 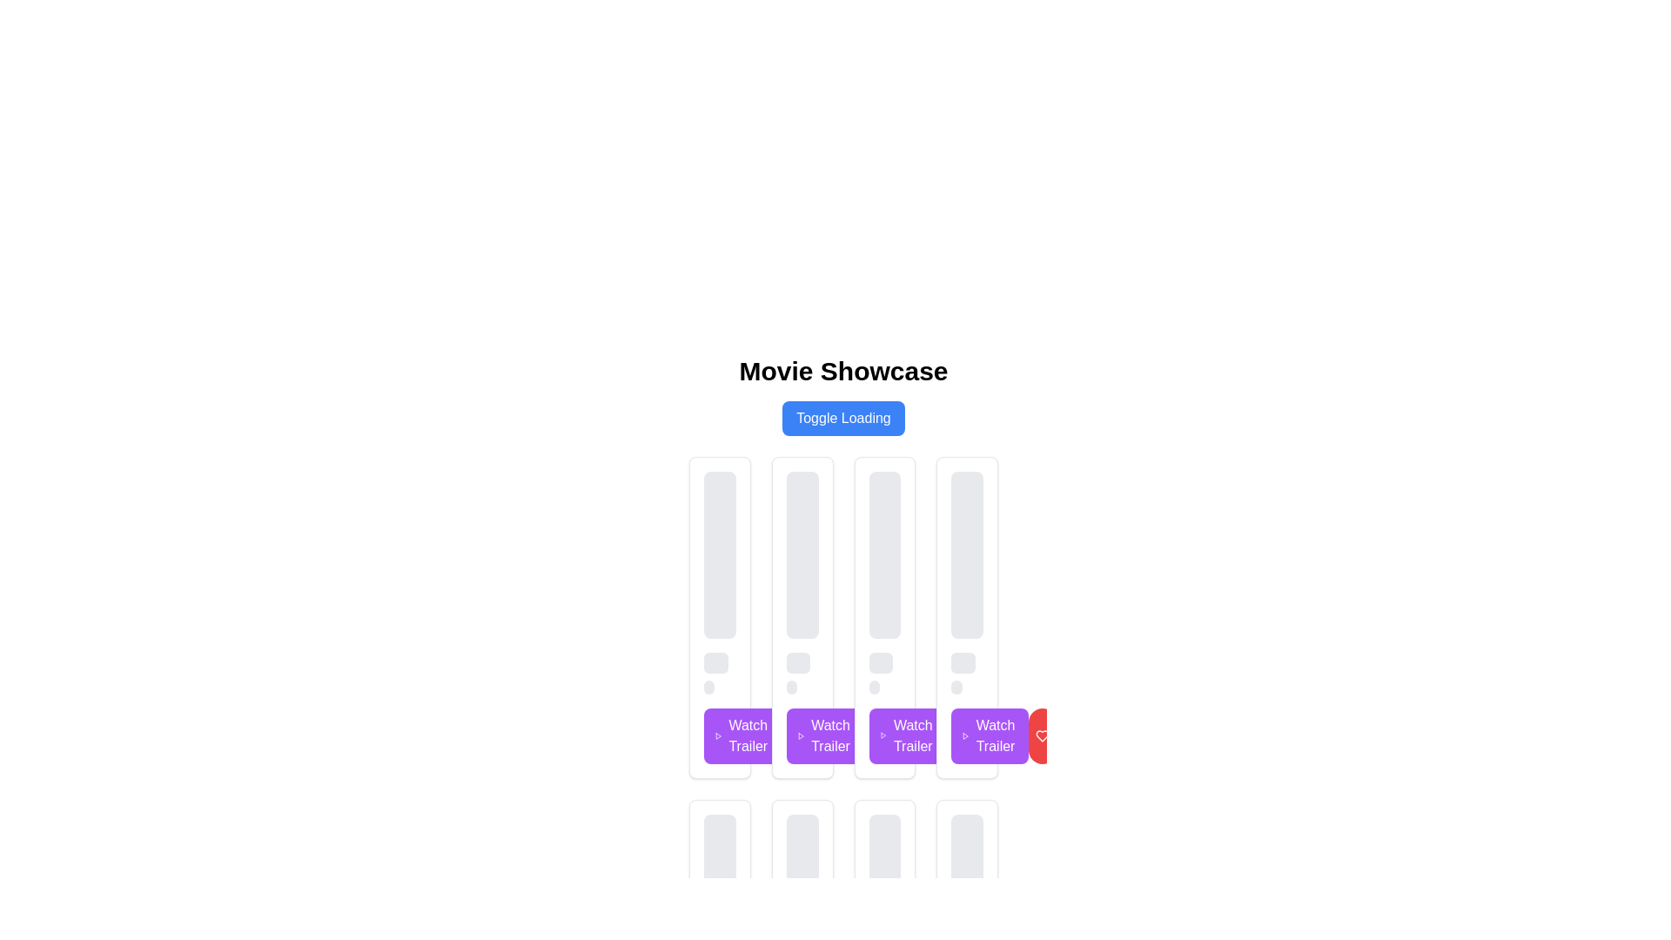 I want to click on the blue rectangular button labeled 'Toggle Loading' that is centered below the heading 'Movie Showcase', so click(x=843, y=419).